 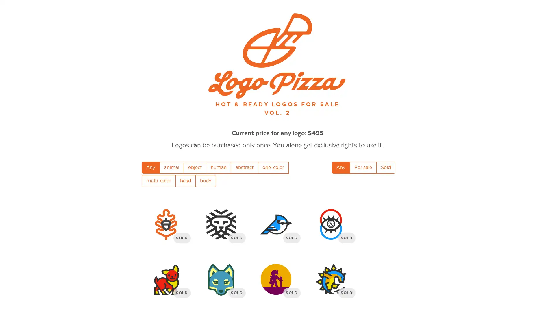 I want to click on head, so click(x=186, y=181).